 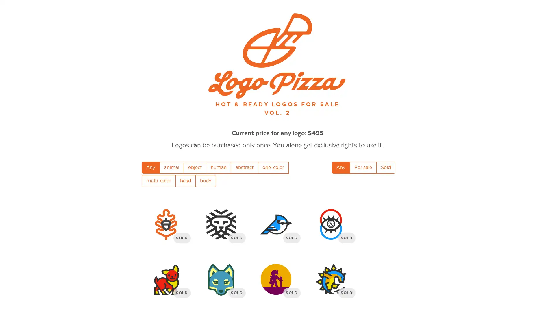 I want to click on head, so click(x=186, y=181).